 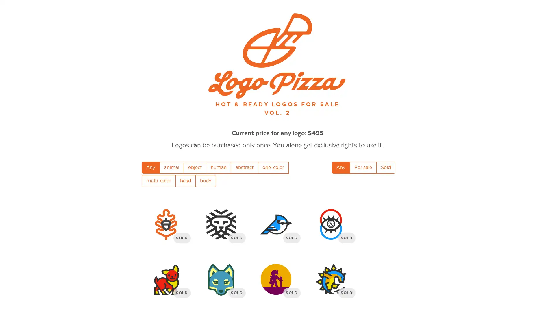 I want to click on head, so click(x=186, y=181).